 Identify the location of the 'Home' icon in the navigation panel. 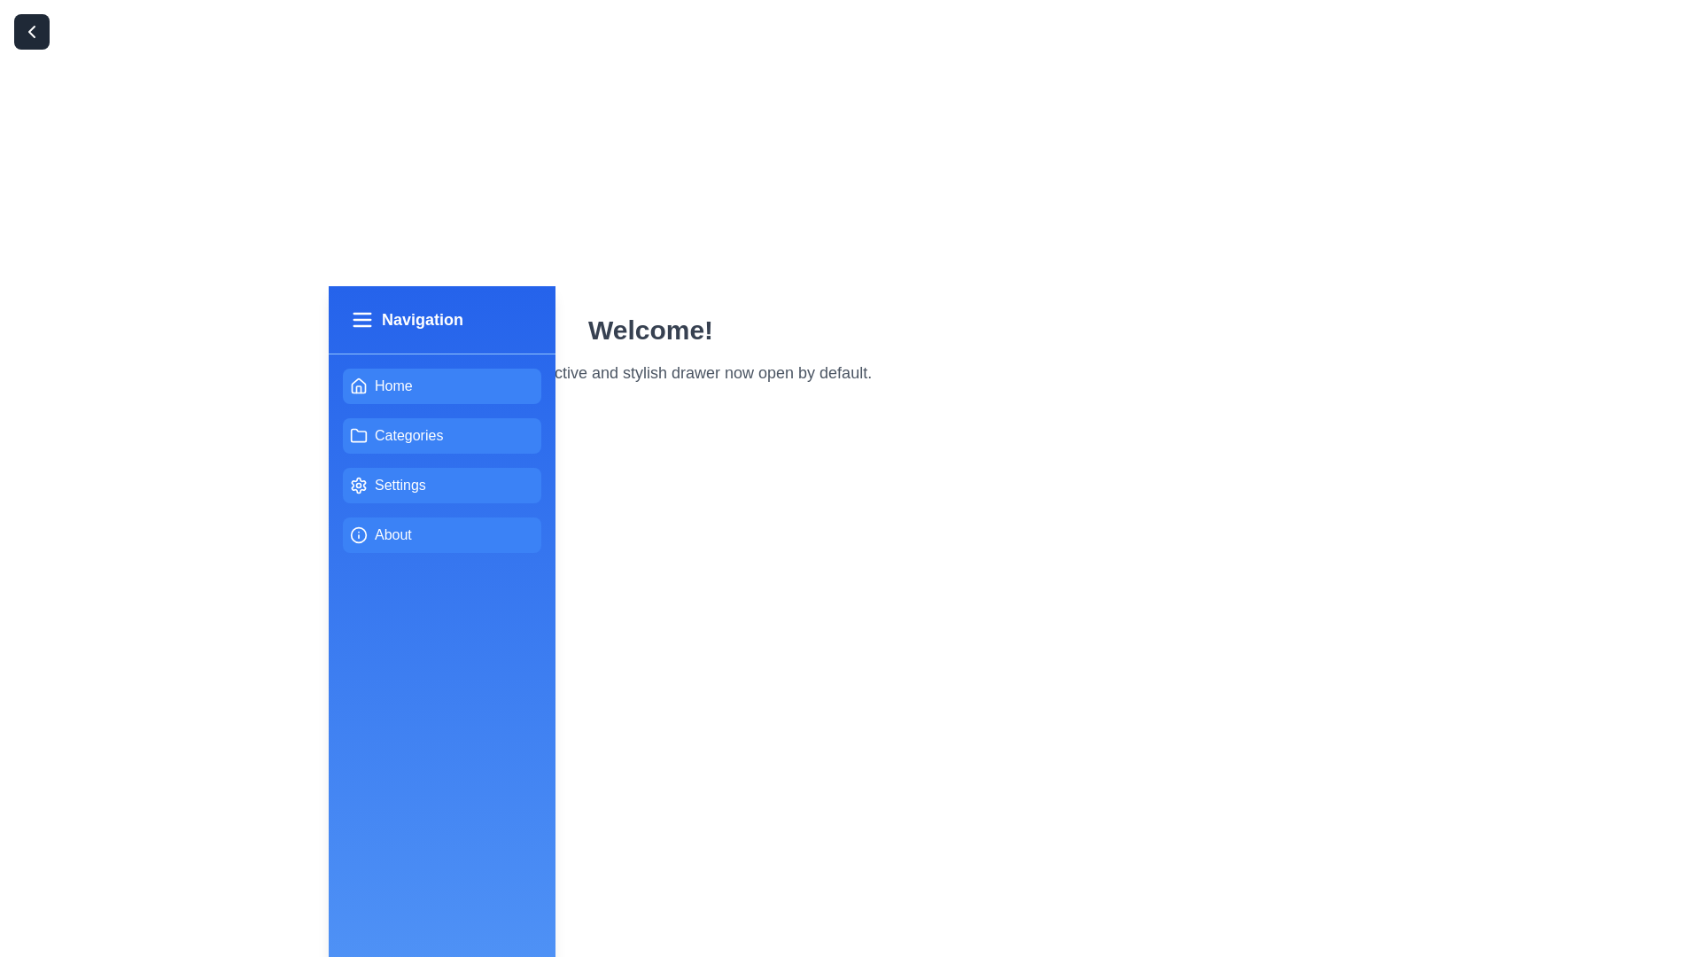
(357, 385).